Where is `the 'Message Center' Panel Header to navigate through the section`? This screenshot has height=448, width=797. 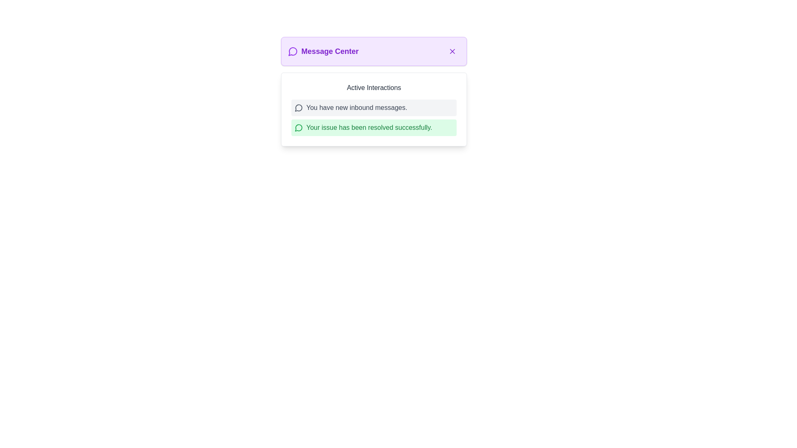 the 'Message Center' Panel Header to navigate through the section is located at coordinates (374, 51).